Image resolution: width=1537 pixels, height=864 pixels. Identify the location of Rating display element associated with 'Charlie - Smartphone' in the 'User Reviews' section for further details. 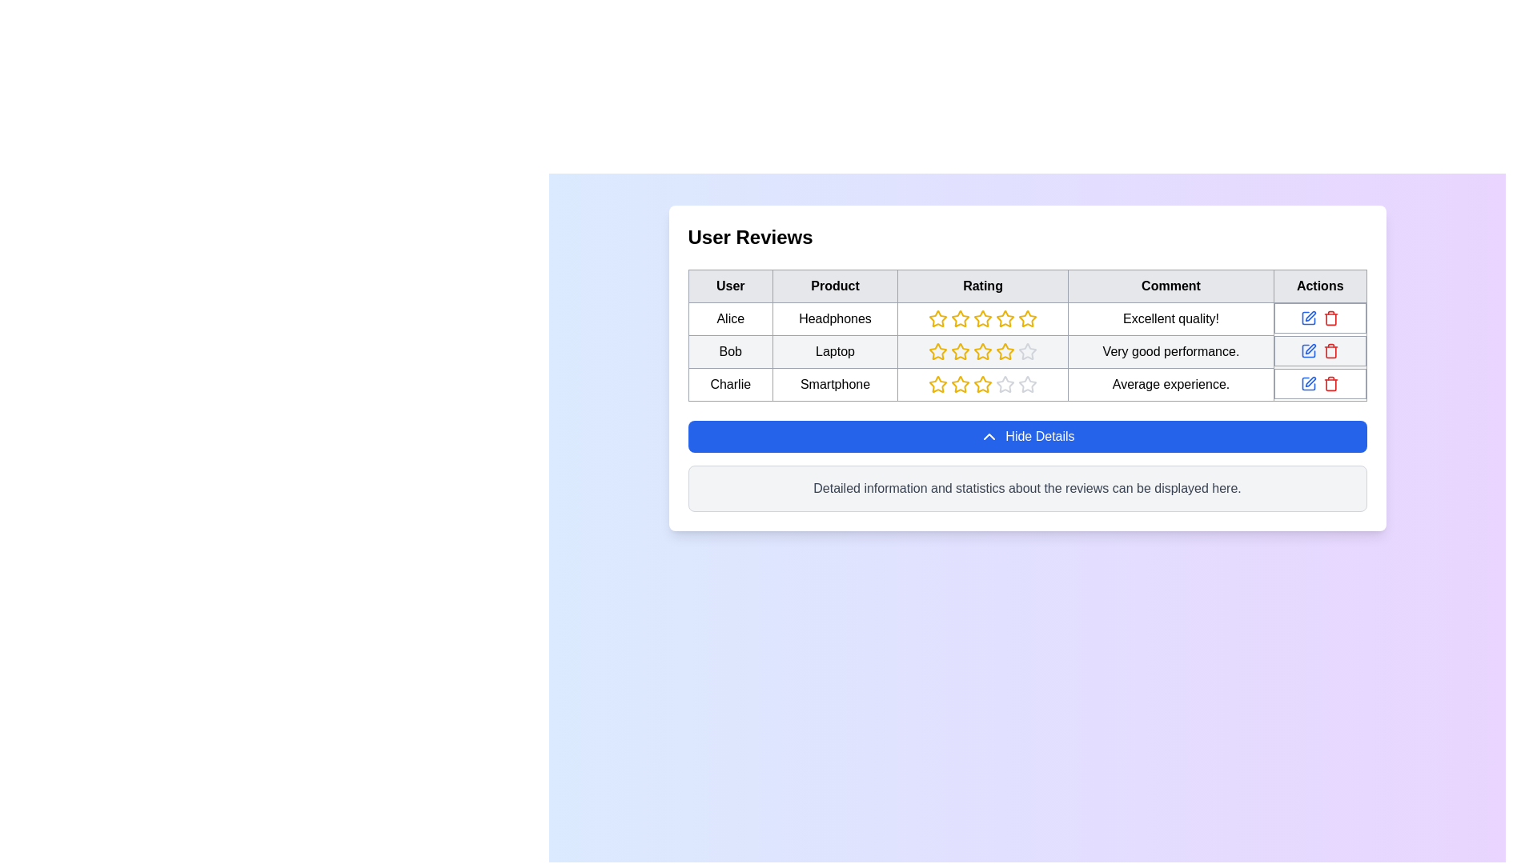
(982, 385).